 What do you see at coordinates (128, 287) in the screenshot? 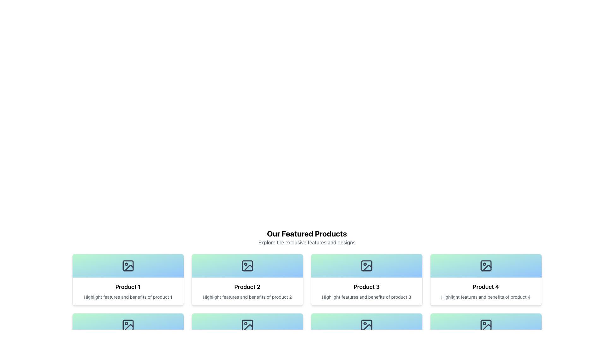
I see `the bold, large-font heading text labeled 'Product 1' located at the top-left corner of the product card grid` at bounding box center [128, 287].